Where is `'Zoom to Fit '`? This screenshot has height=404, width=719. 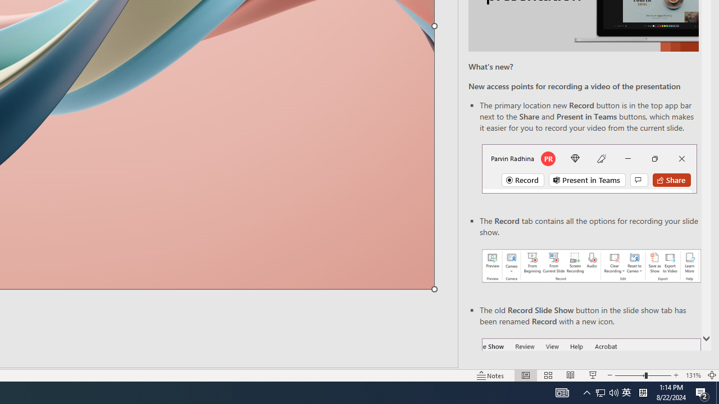
'Zoom to Fit ' is located at coordinates (711, 375).